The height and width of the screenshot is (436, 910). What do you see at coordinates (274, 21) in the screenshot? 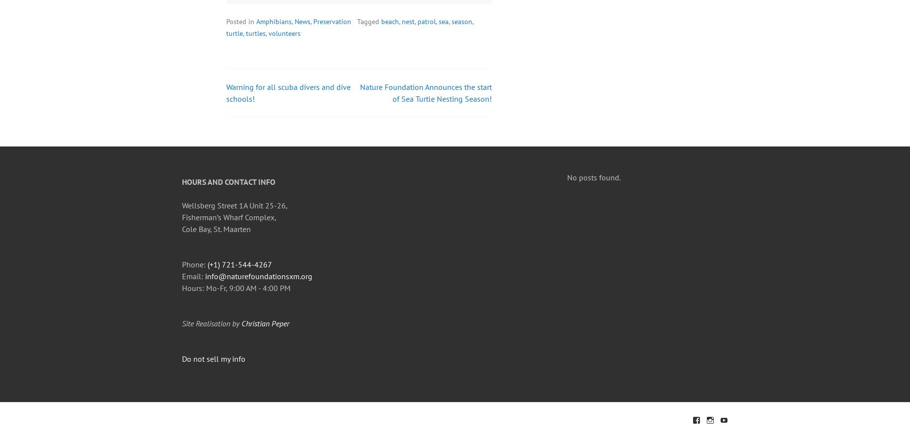
I see `'Amphibians'` at bounding box center [274, 21].